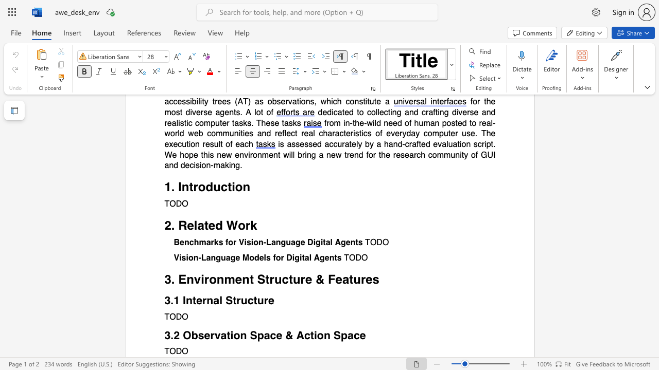 Image resolution: width=659 pixels, height=370 pixels. Describe the element at coordinates (207, 225) in the screenshot. I see `the subset text "ed" within the text "2. Related Work"` at that location.